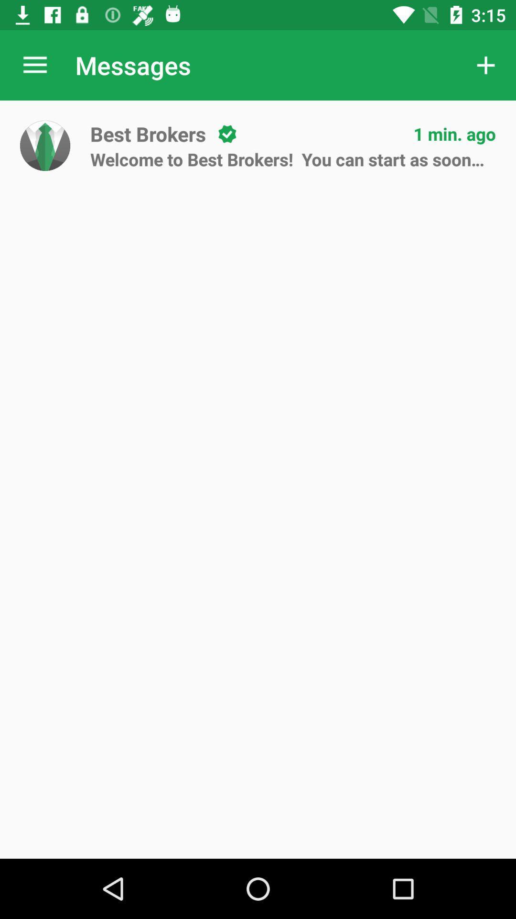 The image size is (516, 919). Describe the element at coordinates (486, 65) in the screenshot. I see `the icon above the 1 min. ago icon` at that location.